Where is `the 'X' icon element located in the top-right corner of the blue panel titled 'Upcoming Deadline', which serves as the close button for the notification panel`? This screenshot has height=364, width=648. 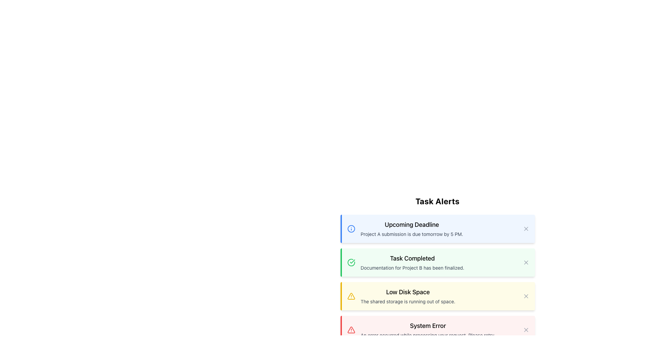 the 'X' icon element located in the top-right corner of the blue panel titled 'Upcoming Deadline', which serves as the close button for the notification panel is located at coordinates (525, 228).